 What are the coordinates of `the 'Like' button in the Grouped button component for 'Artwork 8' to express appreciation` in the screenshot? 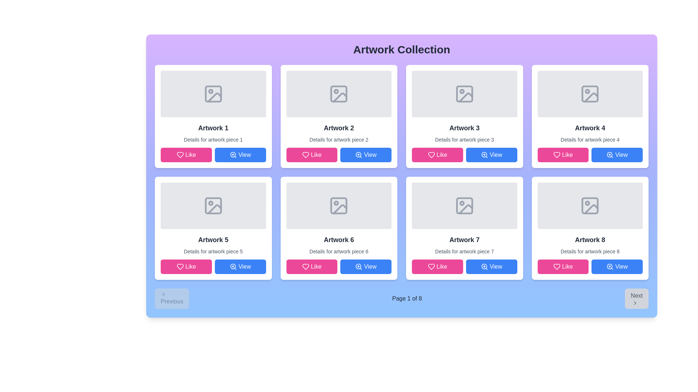 It's located at (590, 267).